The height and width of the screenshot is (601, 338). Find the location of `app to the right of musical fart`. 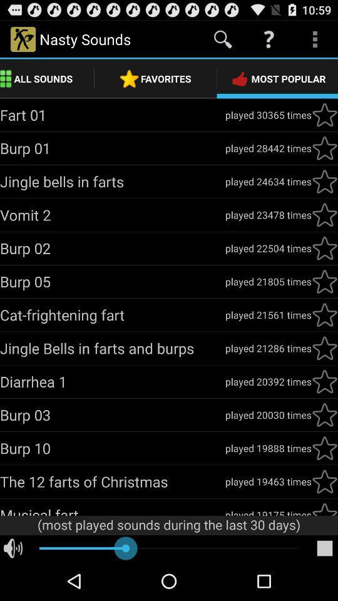

app to the right of musical fart is located at coordinates (267, 511).